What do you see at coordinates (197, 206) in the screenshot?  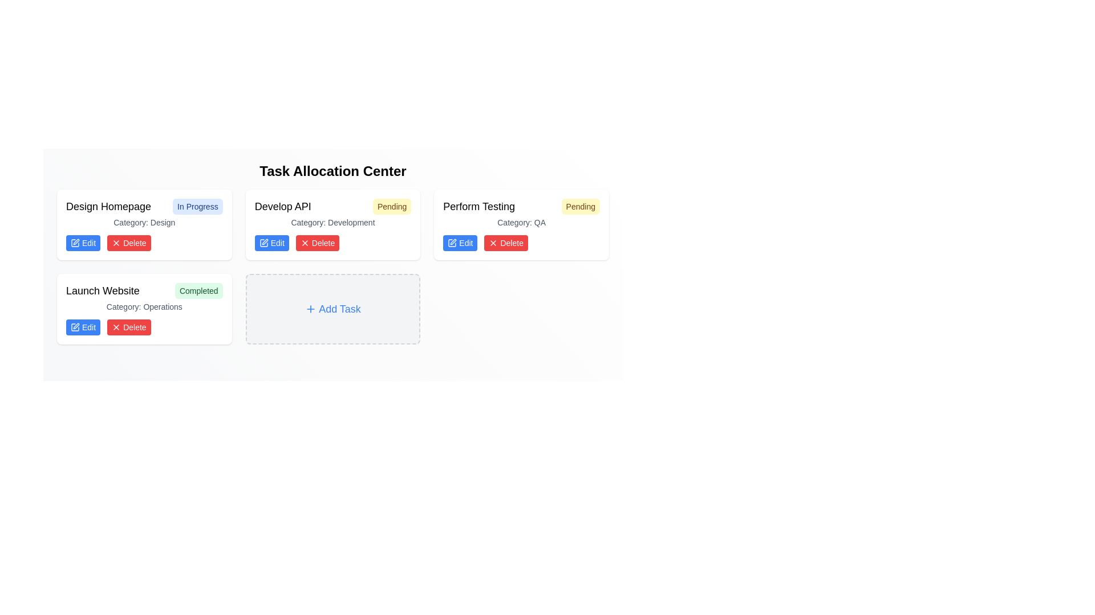 I see `the 'In Progress' status indicator button located at the top-right corner of the 'Design Homepage' card, which has a light blue rounded rectangle background and dark blue text` at bounding box center [197, 206].